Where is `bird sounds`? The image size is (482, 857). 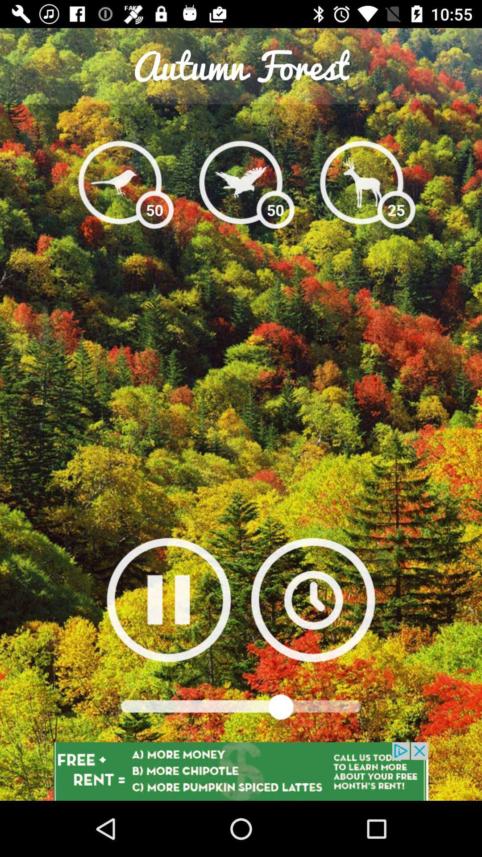 bird sounds is located at coordinates (119, 182).